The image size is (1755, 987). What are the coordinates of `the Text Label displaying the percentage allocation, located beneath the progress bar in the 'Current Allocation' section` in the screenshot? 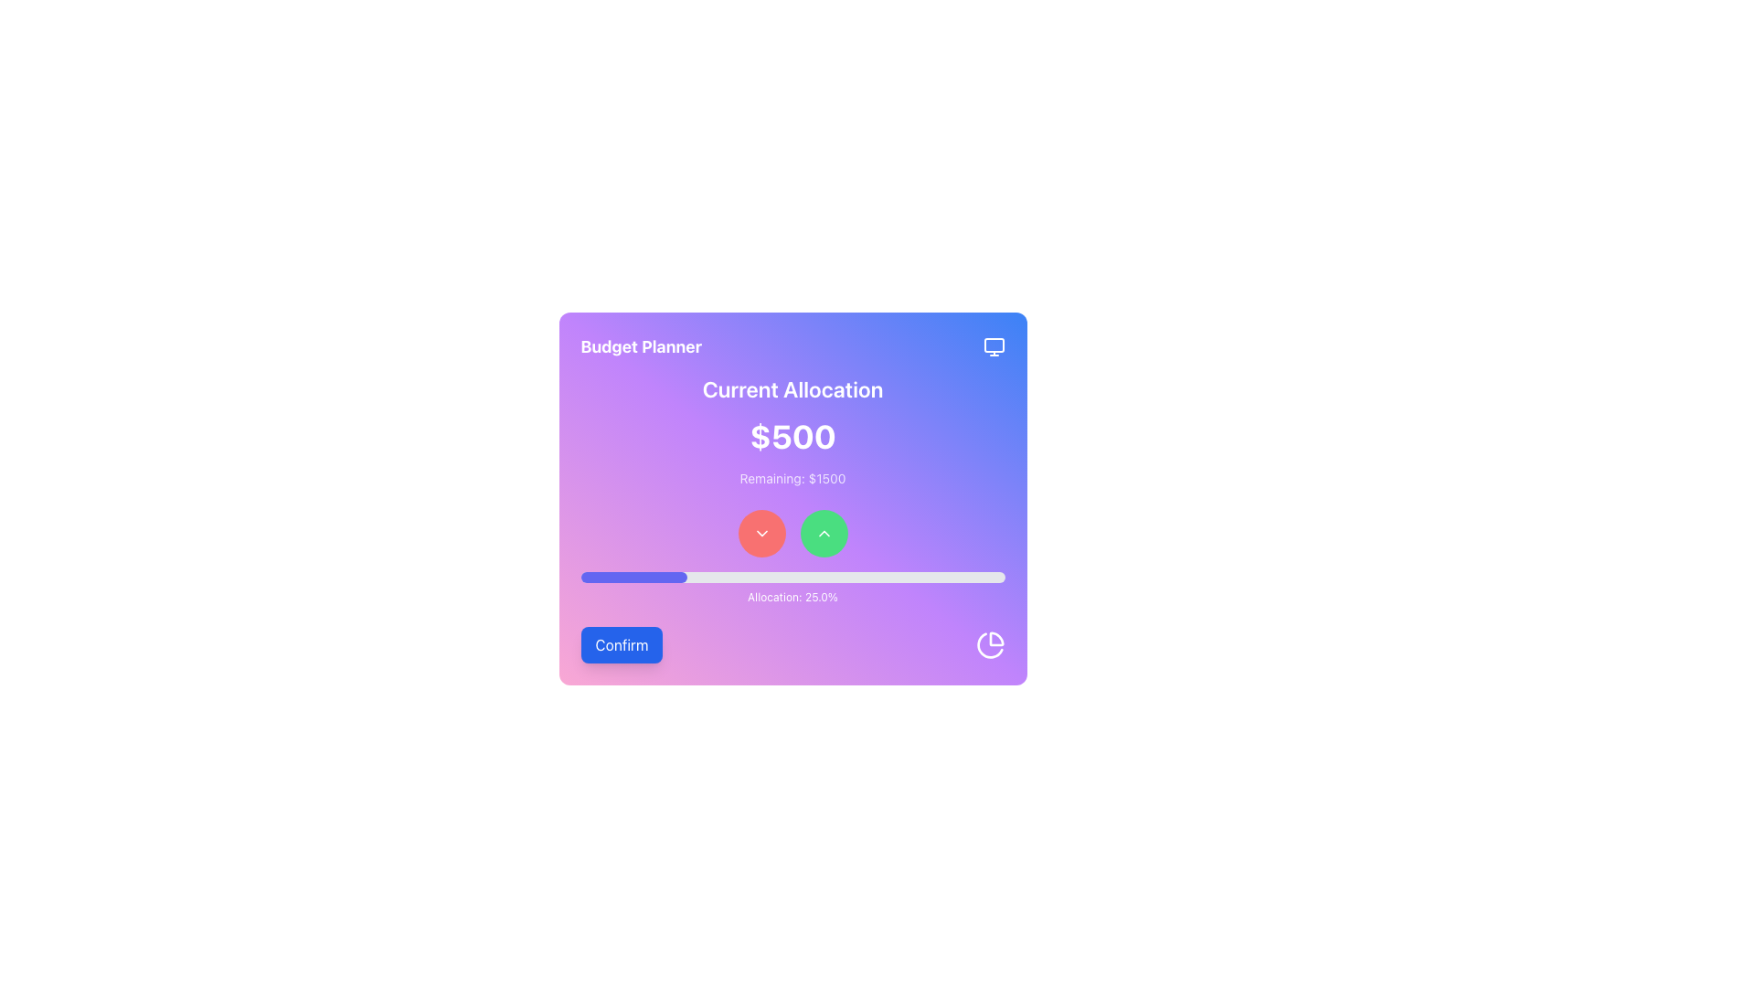 It's located at (792, 598).